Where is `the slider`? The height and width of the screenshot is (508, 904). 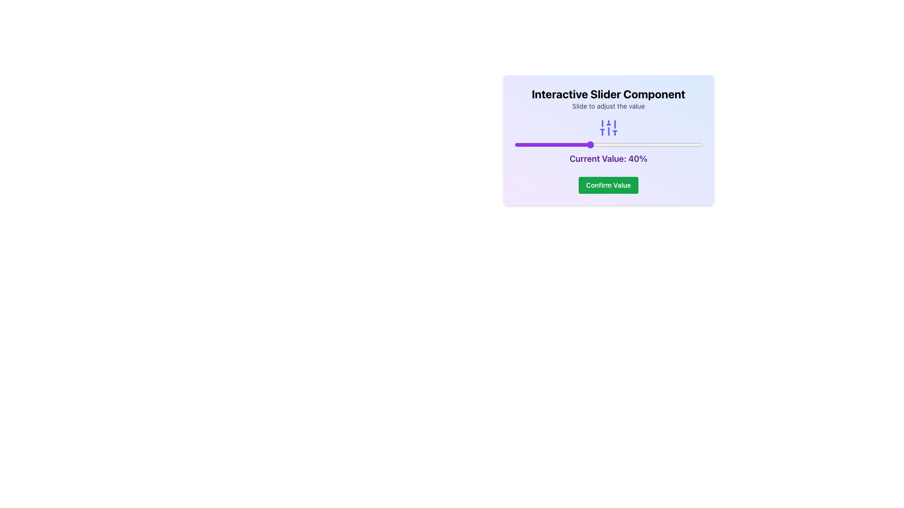 the slider is located at coordinates (595, 145).